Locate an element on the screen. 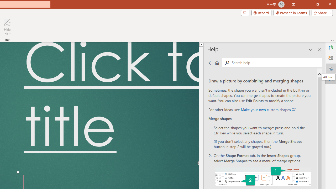  'Alt Text' is located at coordinates (328, 77).